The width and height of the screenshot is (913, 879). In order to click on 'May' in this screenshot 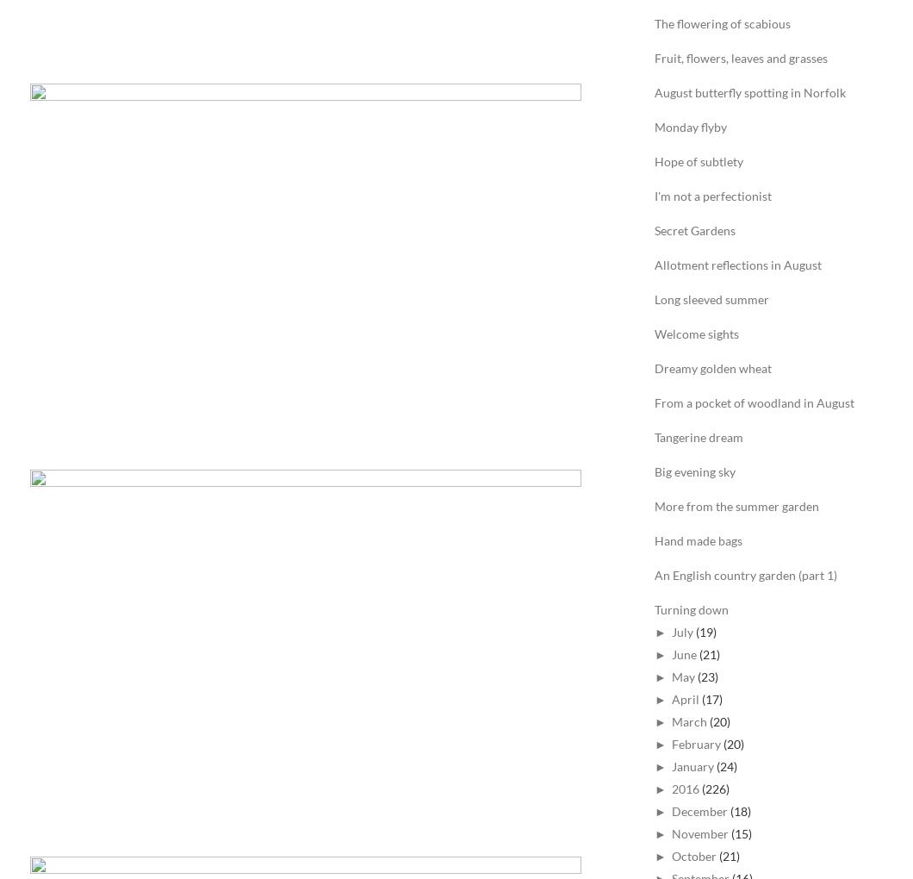, I will do `click(681, 676)`.